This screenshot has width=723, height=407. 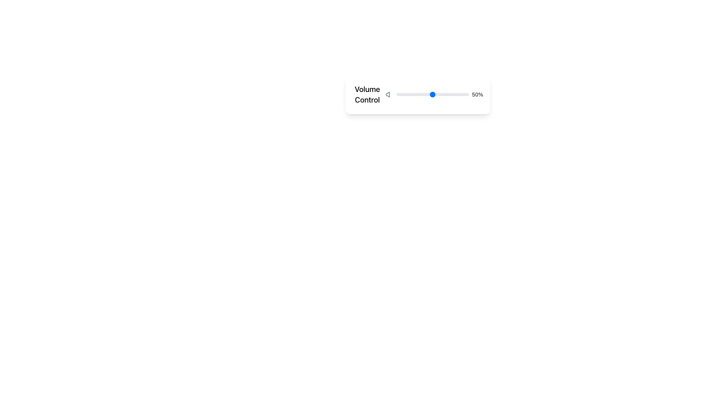 What do you see at coordinates (429, 94) in the screenshot?
I see `the slider` at bounding box center [429, 94].